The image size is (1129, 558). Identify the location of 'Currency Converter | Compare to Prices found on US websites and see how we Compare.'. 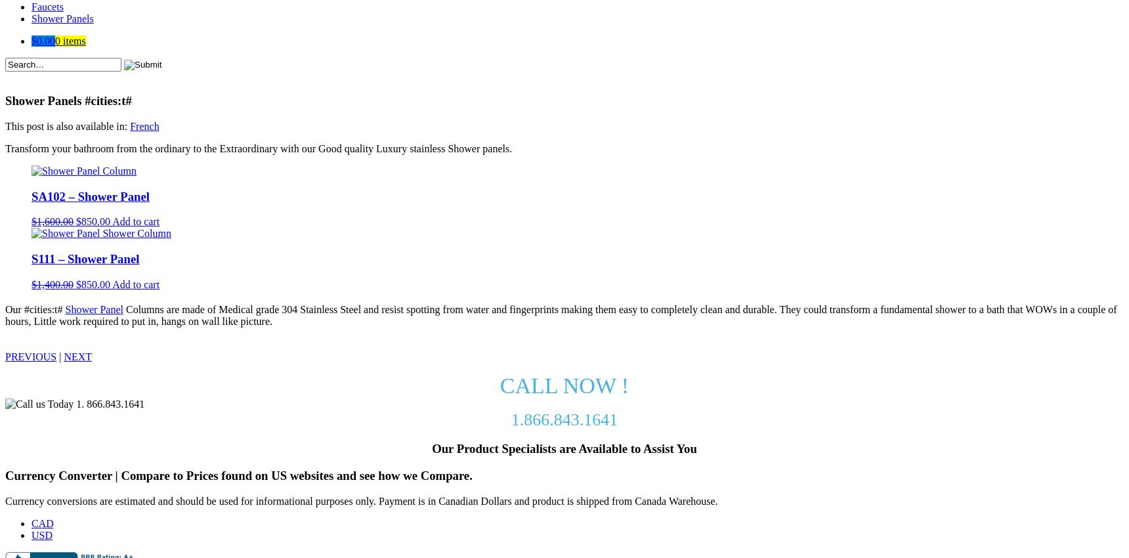
(238, 475).